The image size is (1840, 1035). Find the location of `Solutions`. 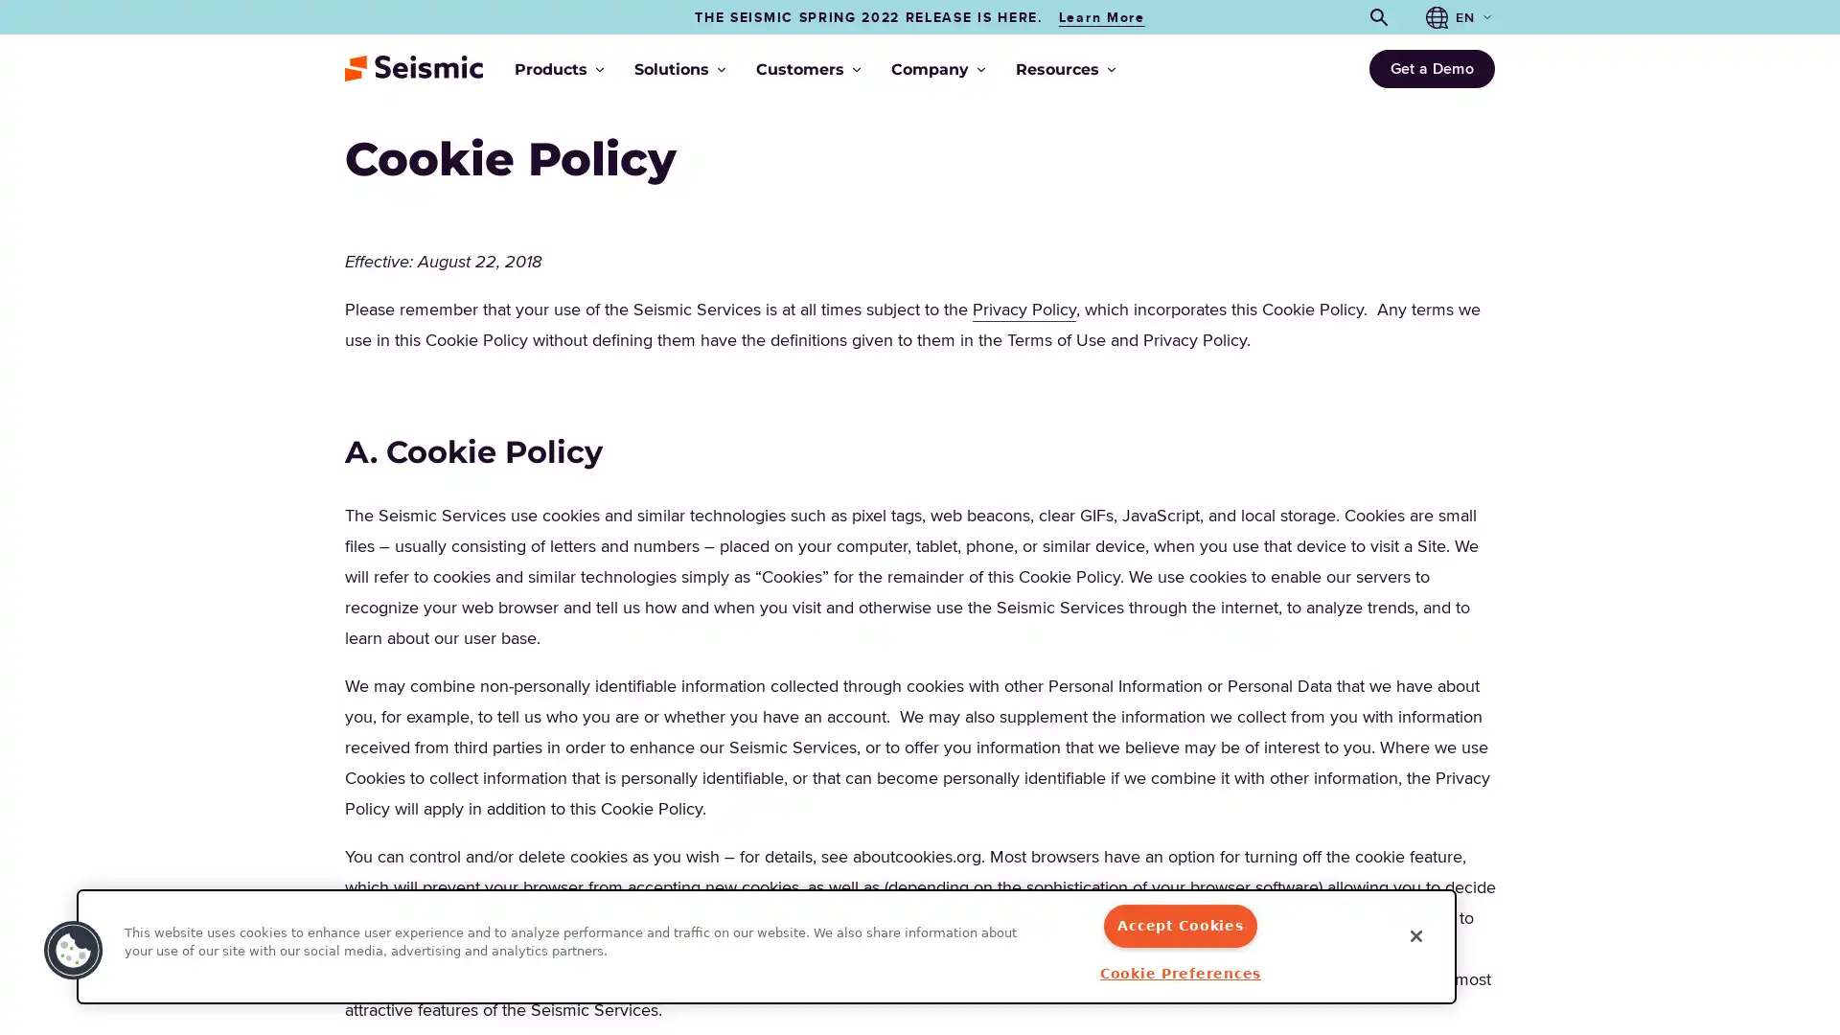

Solutions is located at coordinates (680, 72).